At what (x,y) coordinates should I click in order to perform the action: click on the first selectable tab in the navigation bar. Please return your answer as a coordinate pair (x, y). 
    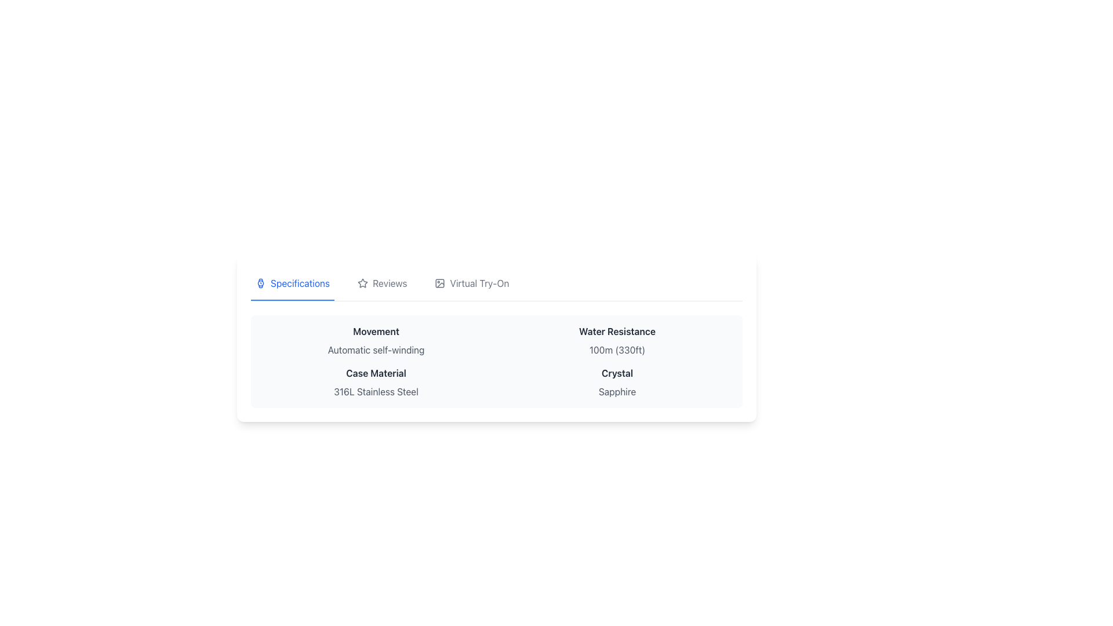
    Looking at the image, I should click on (292, 283).